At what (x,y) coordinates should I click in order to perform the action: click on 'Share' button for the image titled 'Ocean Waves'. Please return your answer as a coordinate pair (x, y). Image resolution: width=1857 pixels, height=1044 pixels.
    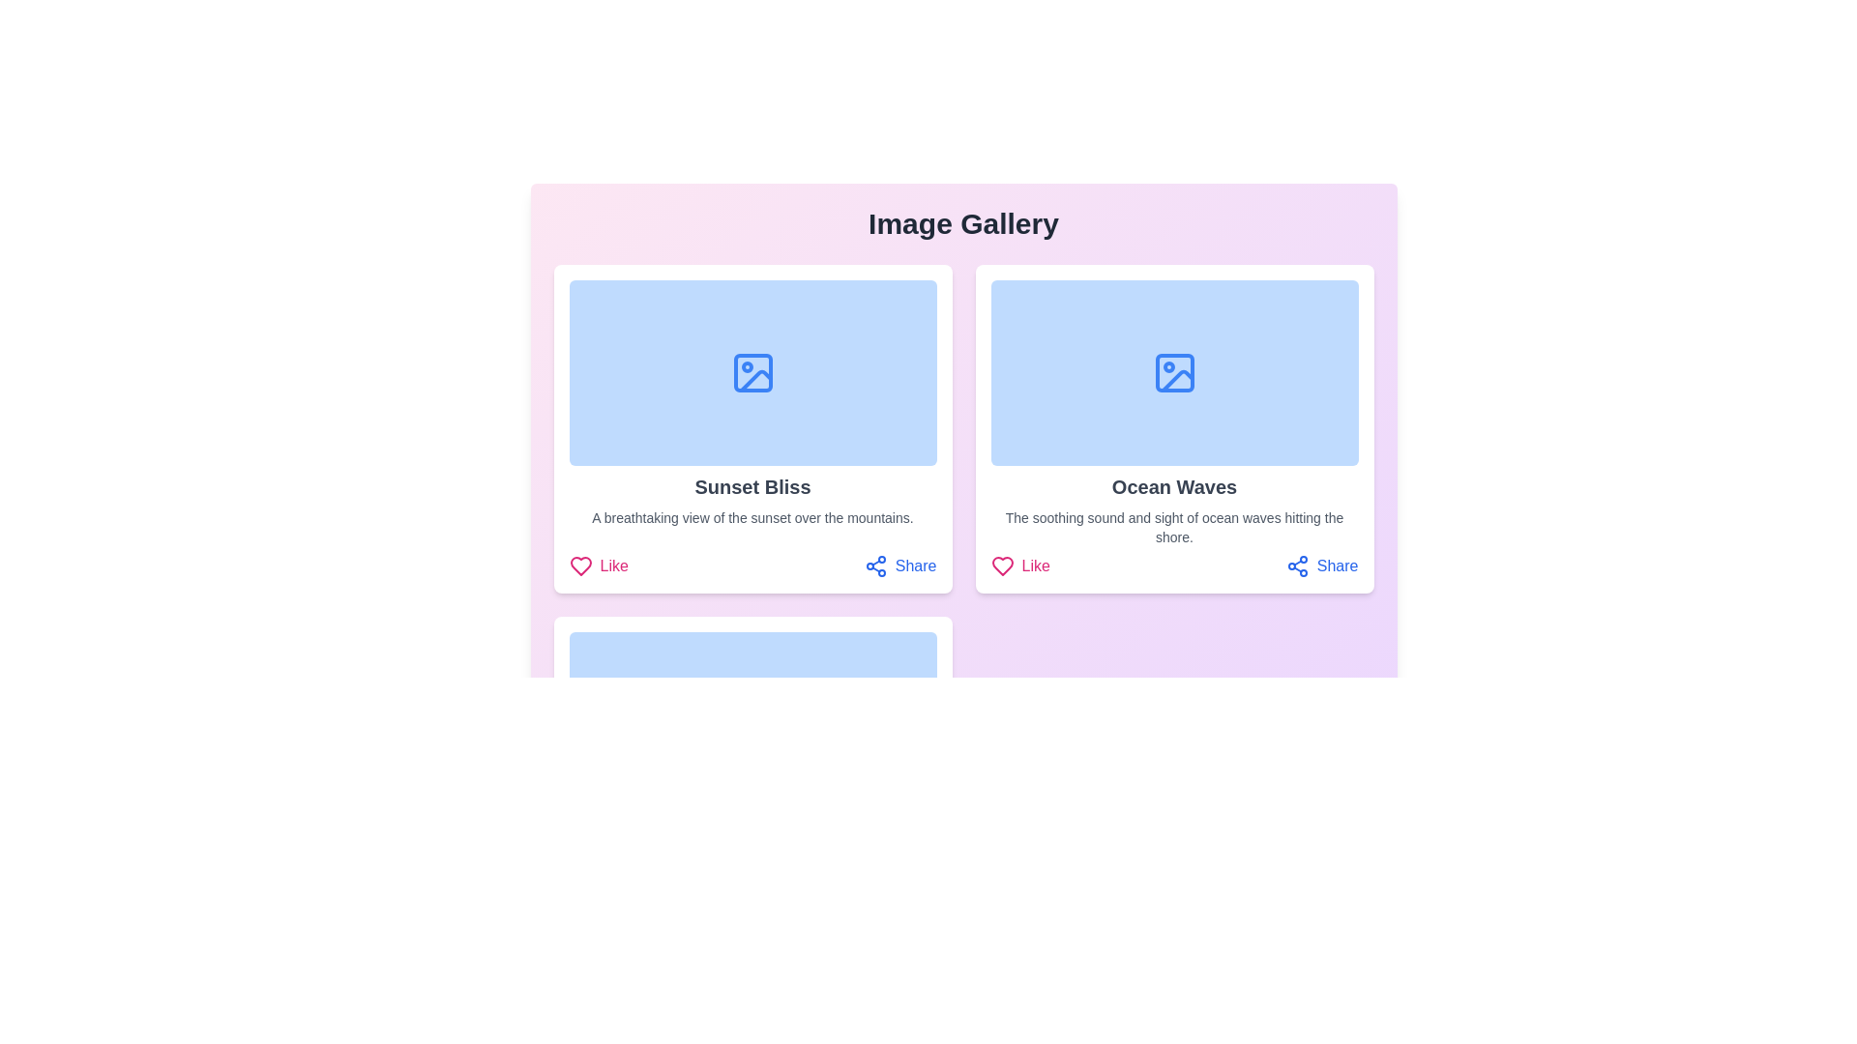
    Looking at the image, I should click on (1321, 565).